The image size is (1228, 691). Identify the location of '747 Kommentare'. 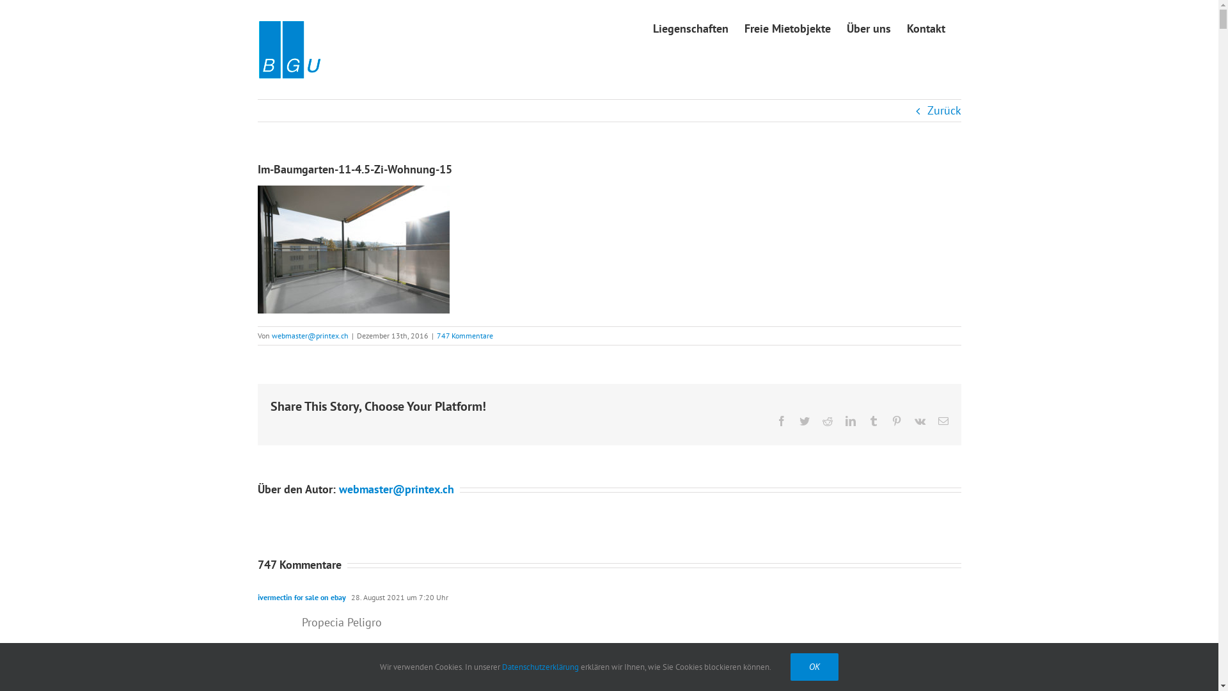
(436, 335).